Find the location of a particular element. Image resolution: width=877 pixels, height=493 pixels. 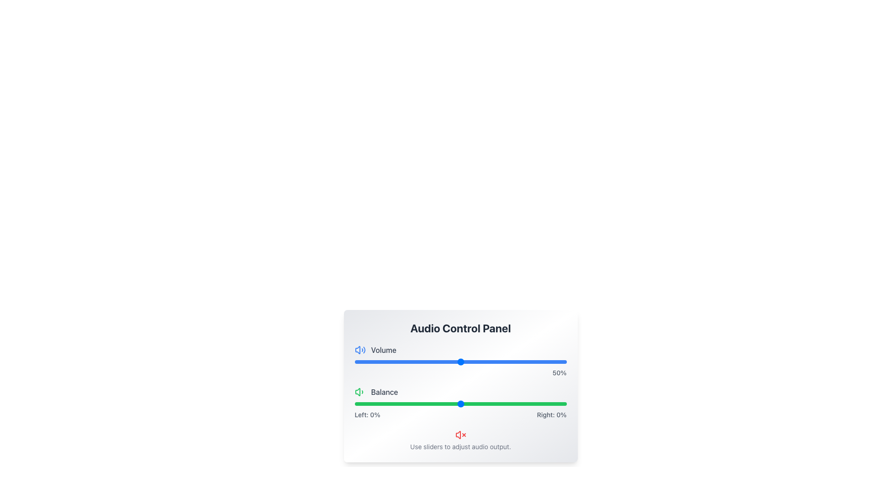

balance is located at coordinates (356, 403).